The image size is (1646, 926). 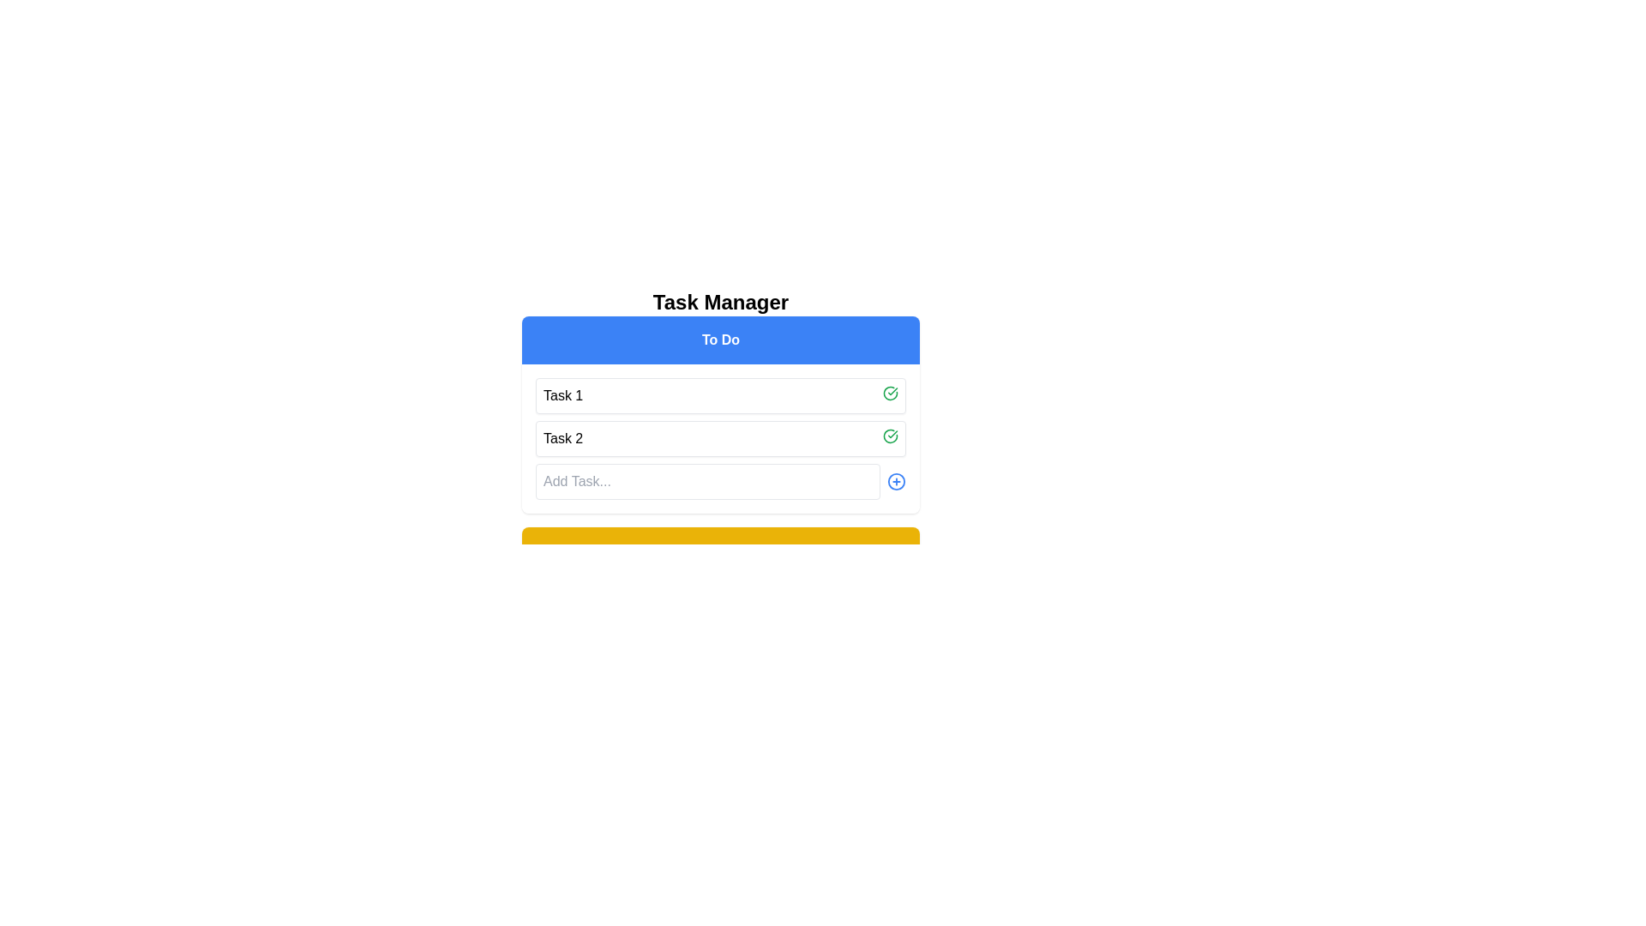 What do you see at coordinates (890, 394) in the screenshot?
I see `the circular green checkmark icon located at the right end of the 'Task 1' row in the task list interface` at bounding box center [890, 394].